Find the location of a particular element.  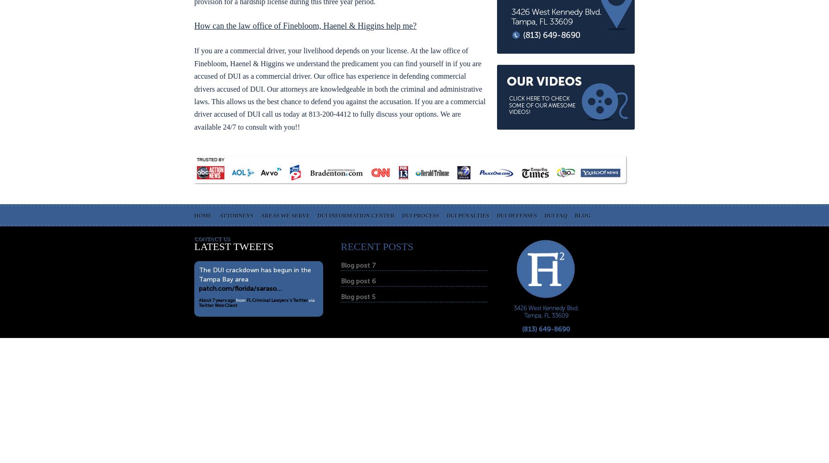

'RECENT POSTS' is located at coordinates (376, 246).